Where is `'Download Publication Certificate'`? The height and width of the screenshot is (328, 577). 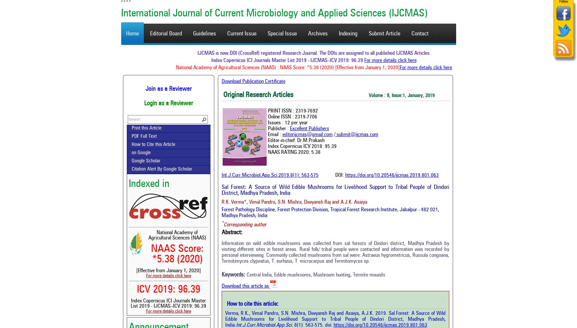
'Download Publication Certificate' is located at coordinates (253, 81).